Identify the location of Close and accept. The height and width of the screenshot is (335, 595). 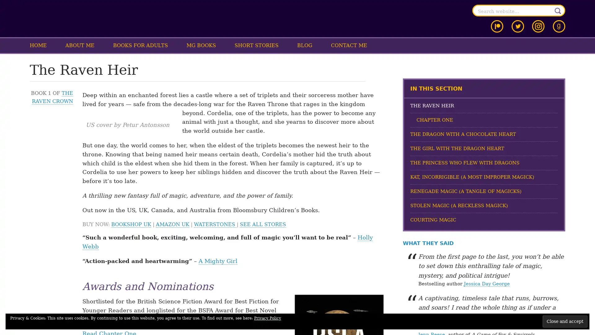
(565, 321).